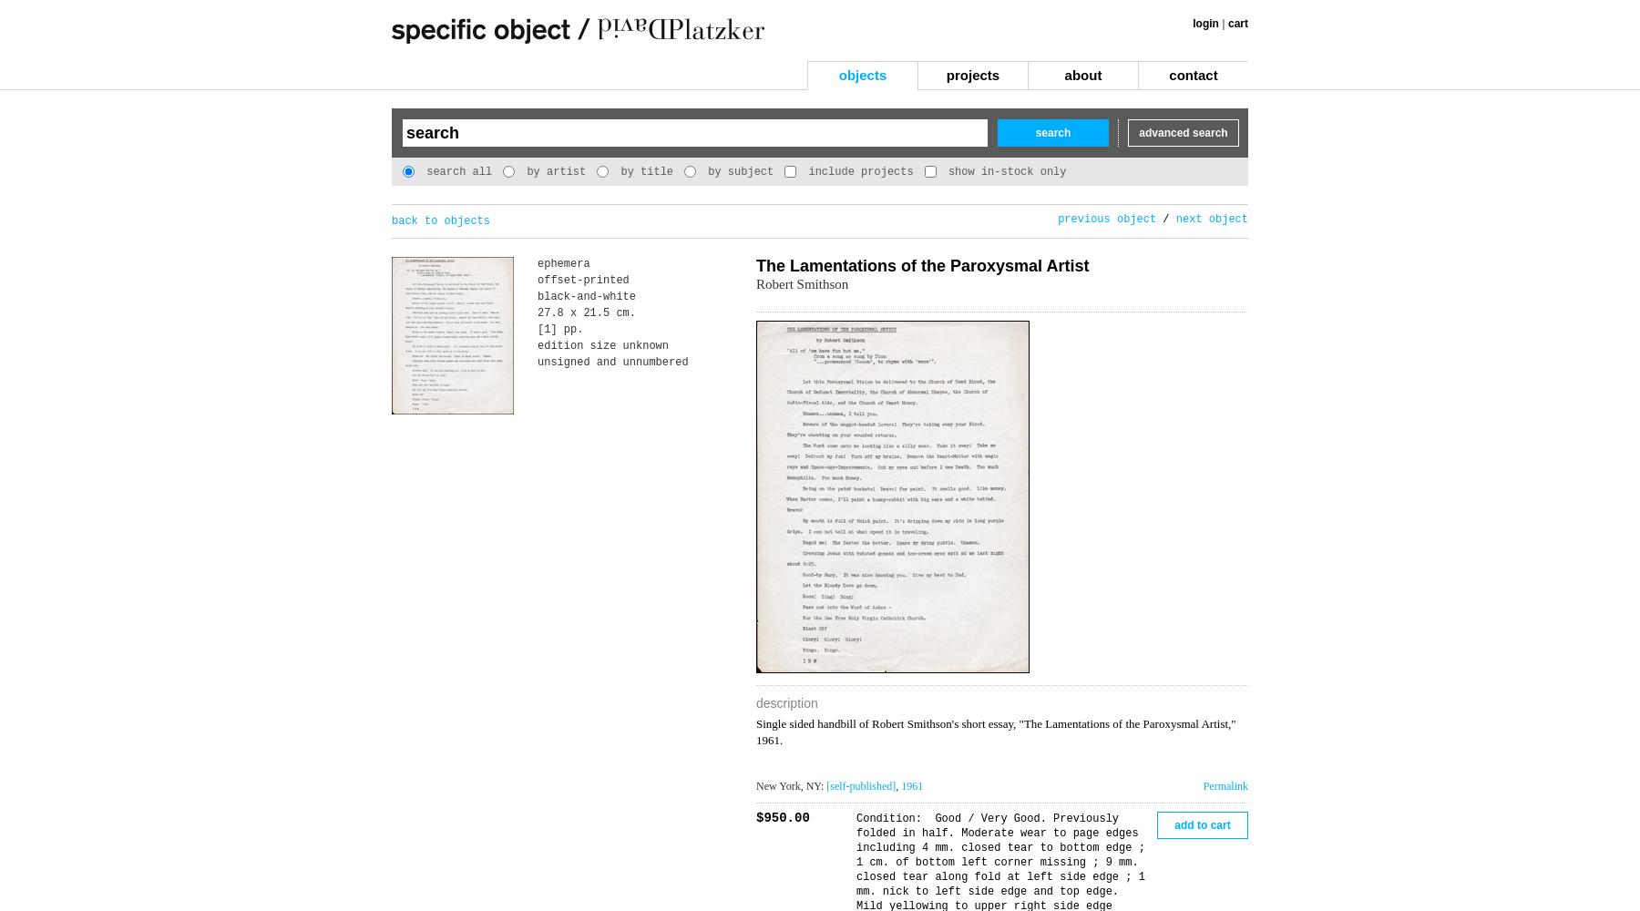 The width and height of the screenshot is (1640, 911). I want to click on 'search all', so click(455, 171).